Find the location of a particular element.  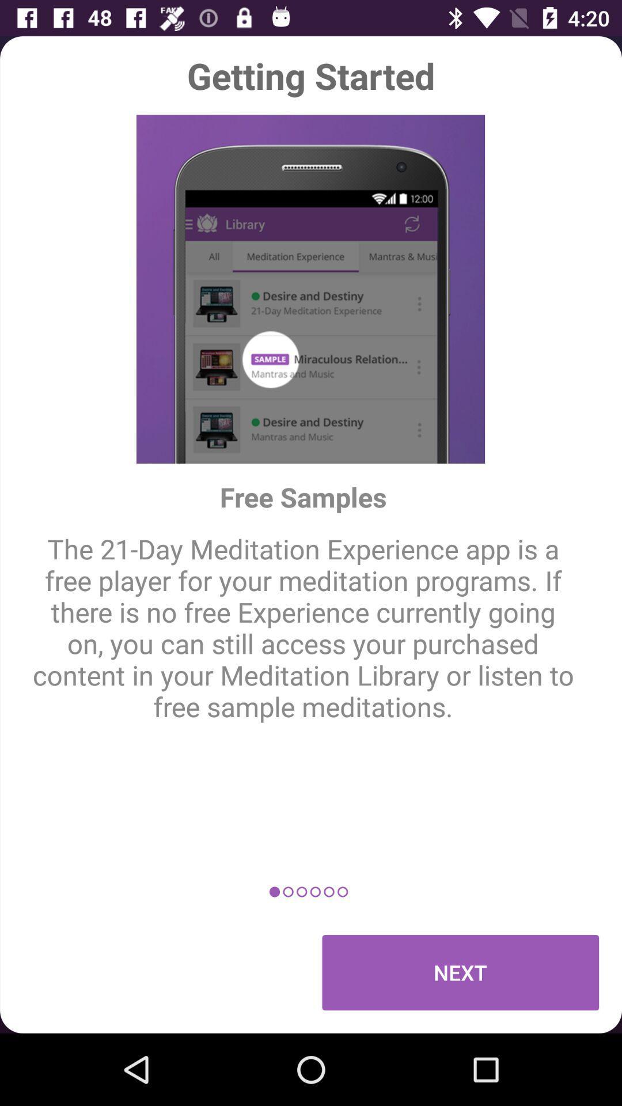

next at the bottom right corner is located at coordinates (460, 972).